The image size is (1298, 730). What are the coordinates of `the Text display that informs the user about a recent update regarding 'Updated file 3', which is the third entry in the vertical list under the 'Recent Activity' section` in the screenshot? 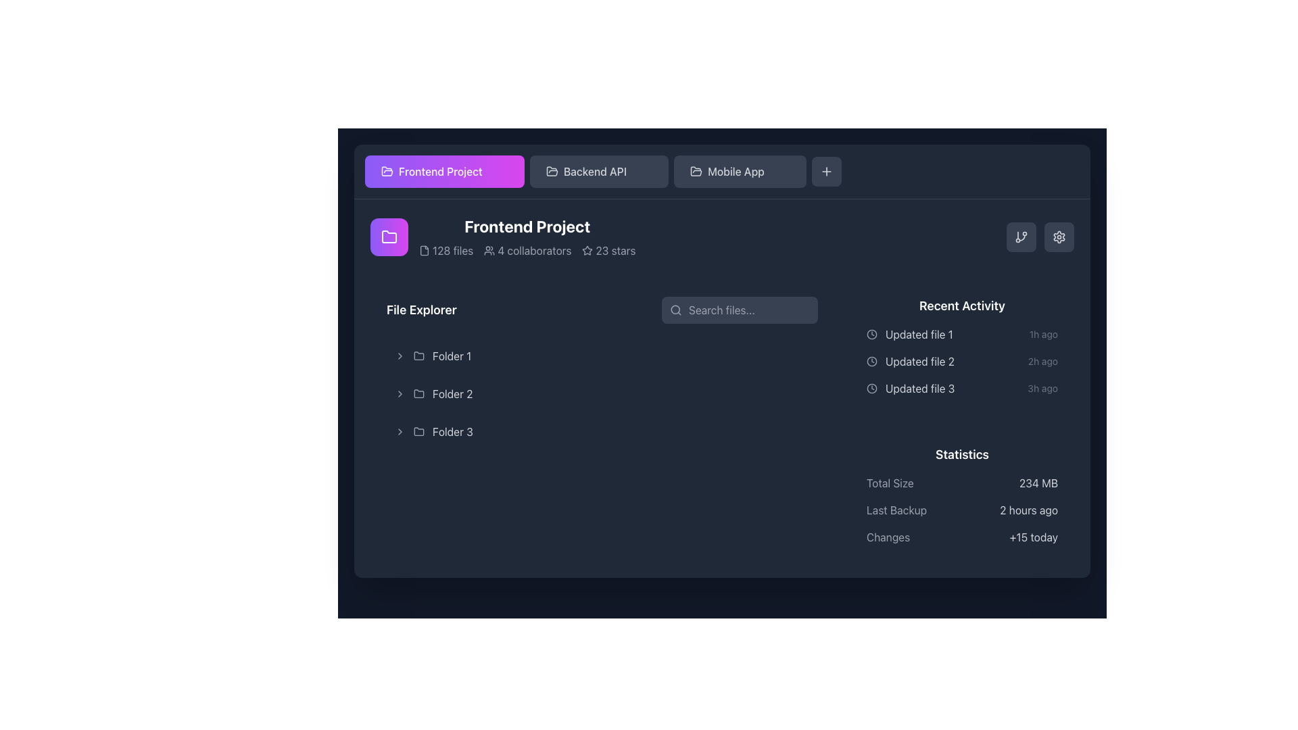 It's located at (919, 388).